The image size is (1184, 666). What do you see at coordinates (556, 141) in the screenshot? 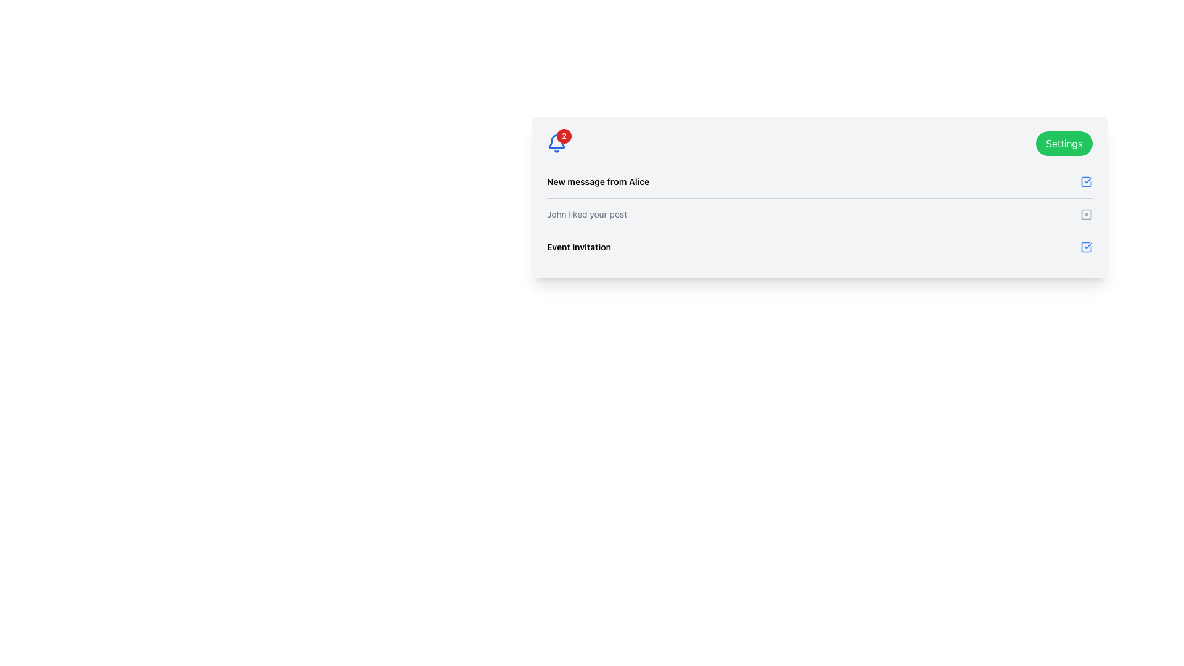
I see `the body portion of the bell notification icon, which is a decorative graphical component located at the top-left of a notification card and slightly overlaps with the notification badge` at bounding box center [556, 141].